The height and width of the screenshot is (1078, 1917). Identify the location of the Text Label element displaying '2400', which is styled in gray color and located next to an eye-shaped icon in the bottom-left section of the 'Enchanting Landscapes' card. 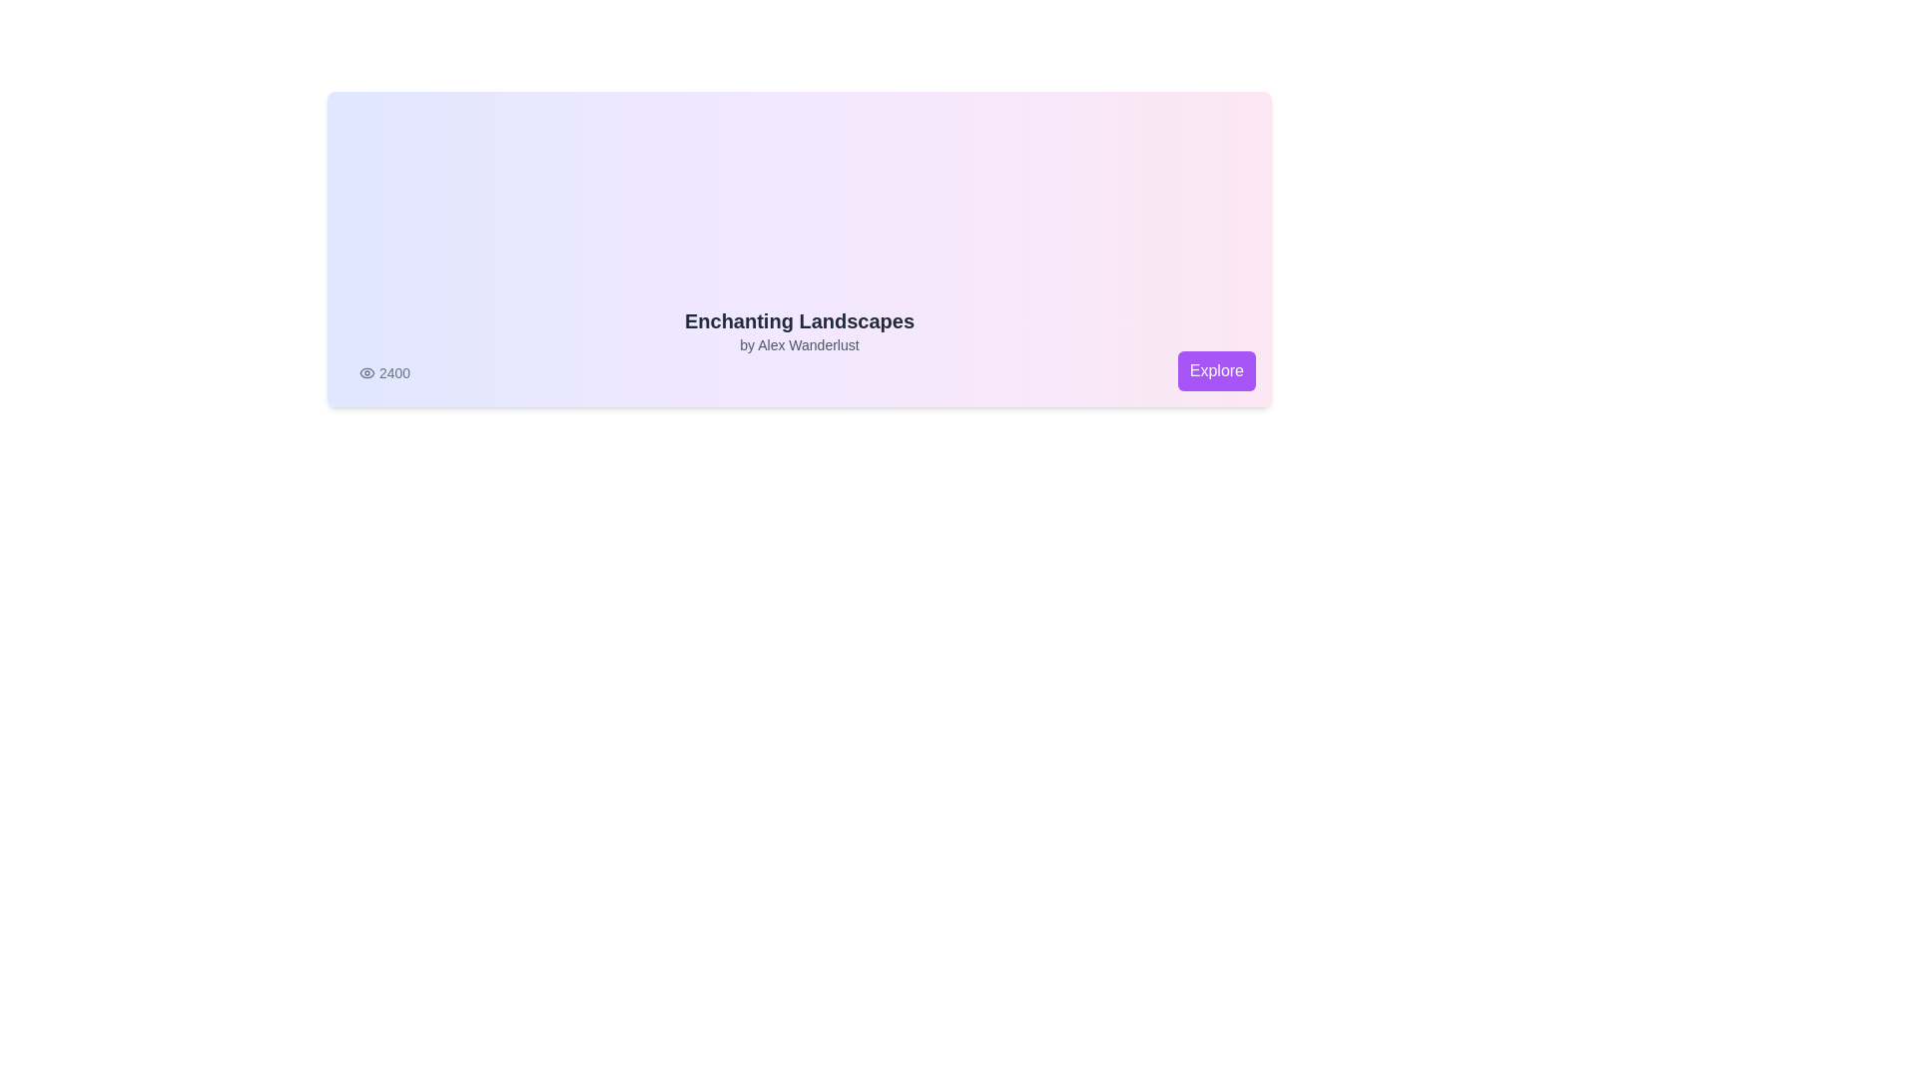
(394, 373).